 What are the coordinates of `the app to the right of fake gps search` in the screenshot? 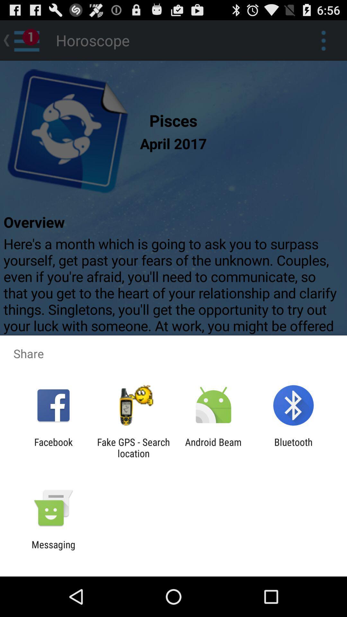 It's located at (213, 447).